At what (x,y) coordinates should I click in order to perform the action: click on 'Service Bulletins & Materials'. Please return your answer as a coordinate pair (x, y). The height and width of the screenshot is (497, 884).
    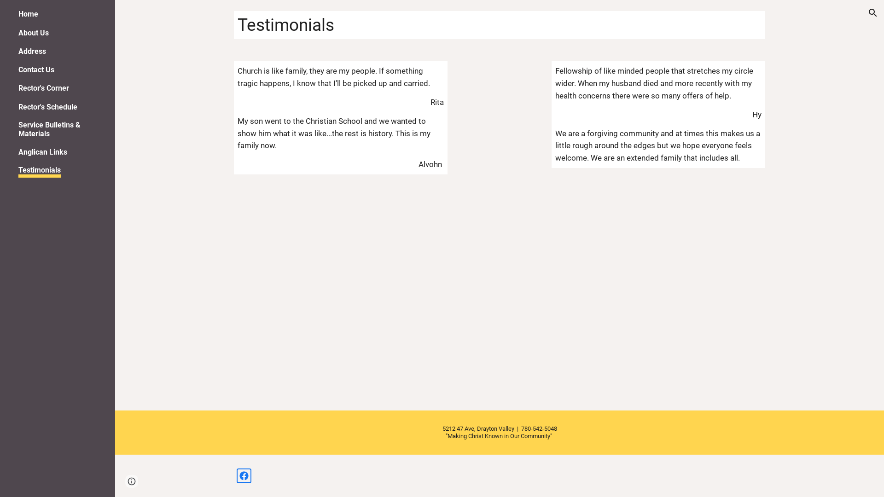
    Looking at the image, I should click on (60, 129).